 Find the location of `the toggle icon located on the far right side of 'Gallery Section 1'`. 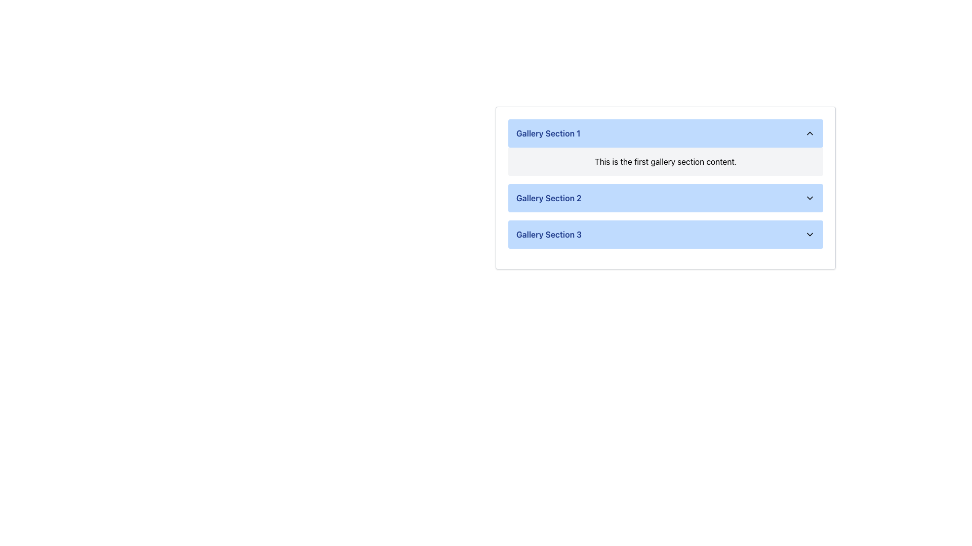

the toggle icon located on the far right side of 'Gallery Section 1' is located at coordinates (809, 132).